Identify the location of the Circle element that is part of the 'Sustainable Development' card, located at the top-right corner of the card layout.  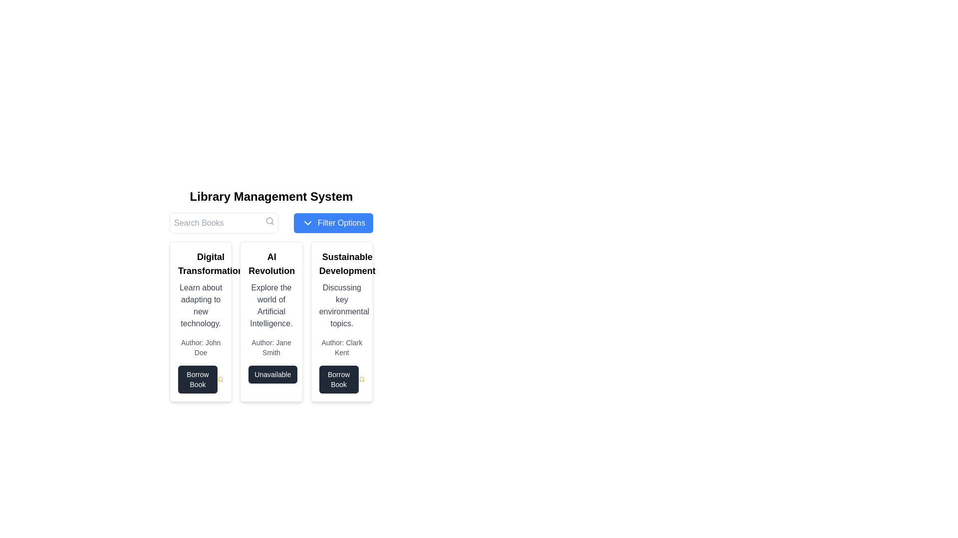
(381, 255).